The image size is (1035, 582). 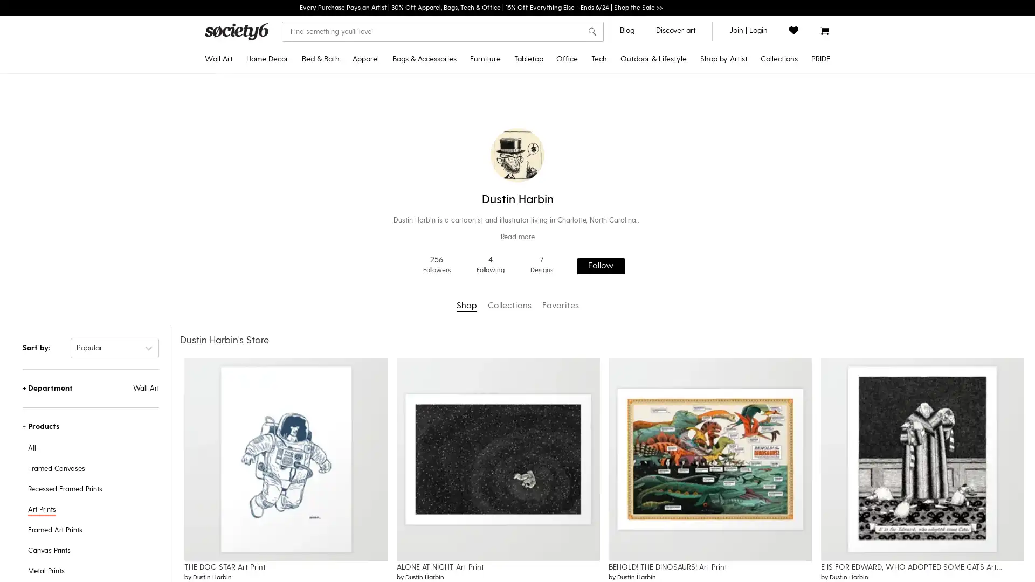 What do you see at coordinates (594, 156) in the screenshot?
I see `Acrylic Trays` at bounding box center [594, 156].